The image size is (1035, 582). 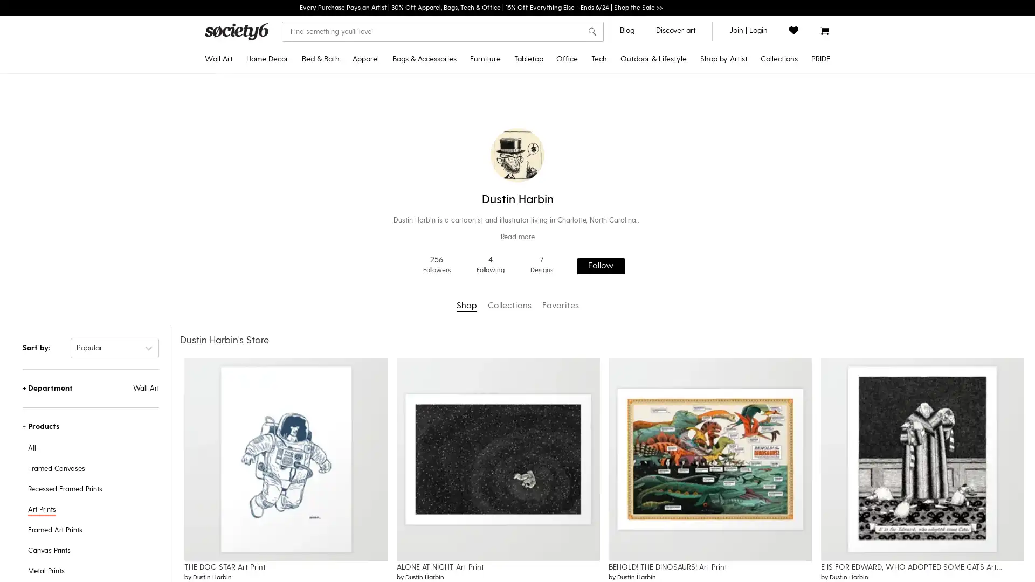 What do you see at coordinates (594, 156) in the screenshot?
I see `Acrylic Trays` at bounding box center [594, 156].